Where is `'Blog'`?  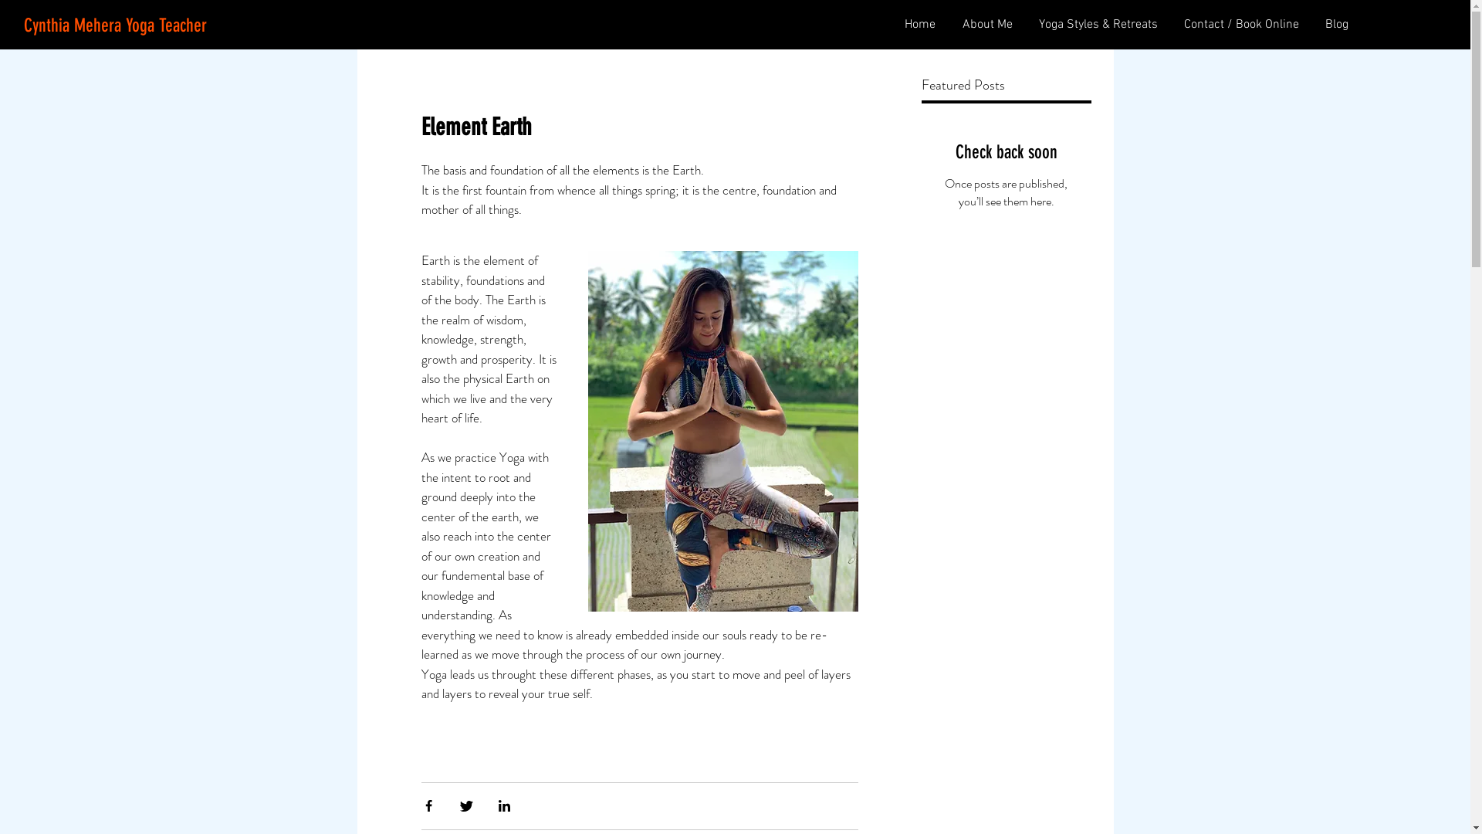 'Blog' is located at coordinates (1334, 25).